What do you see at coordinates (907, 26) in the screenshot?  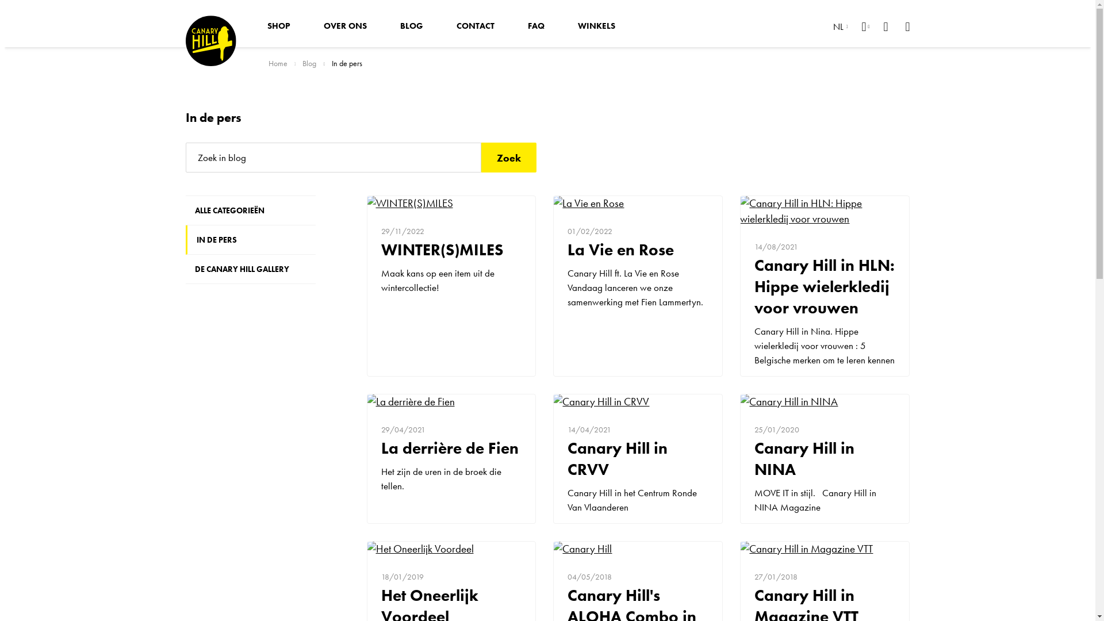 I see `'Winkelwagen'` at bounding box center [907, 26].